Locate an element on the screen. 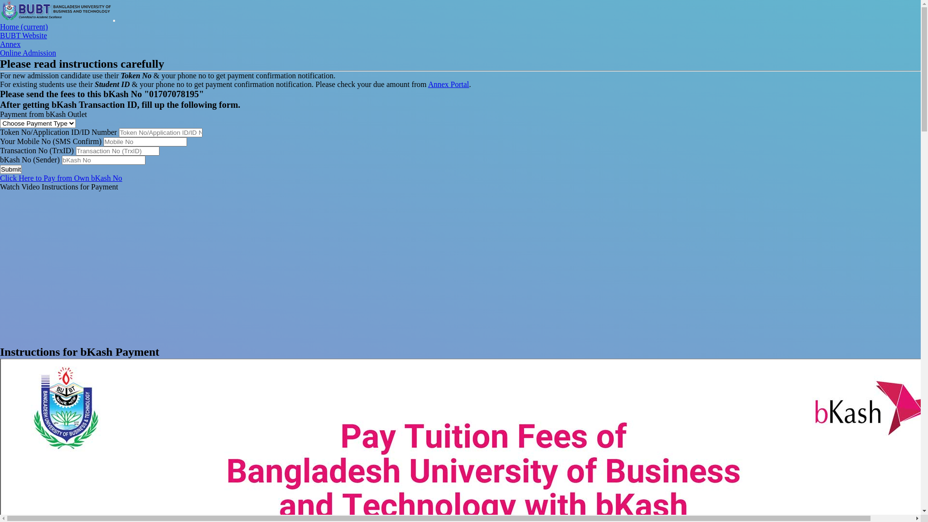 The height and width of the screenshot is (522, 928). 'Submit' is located at coordinates (11, 169).